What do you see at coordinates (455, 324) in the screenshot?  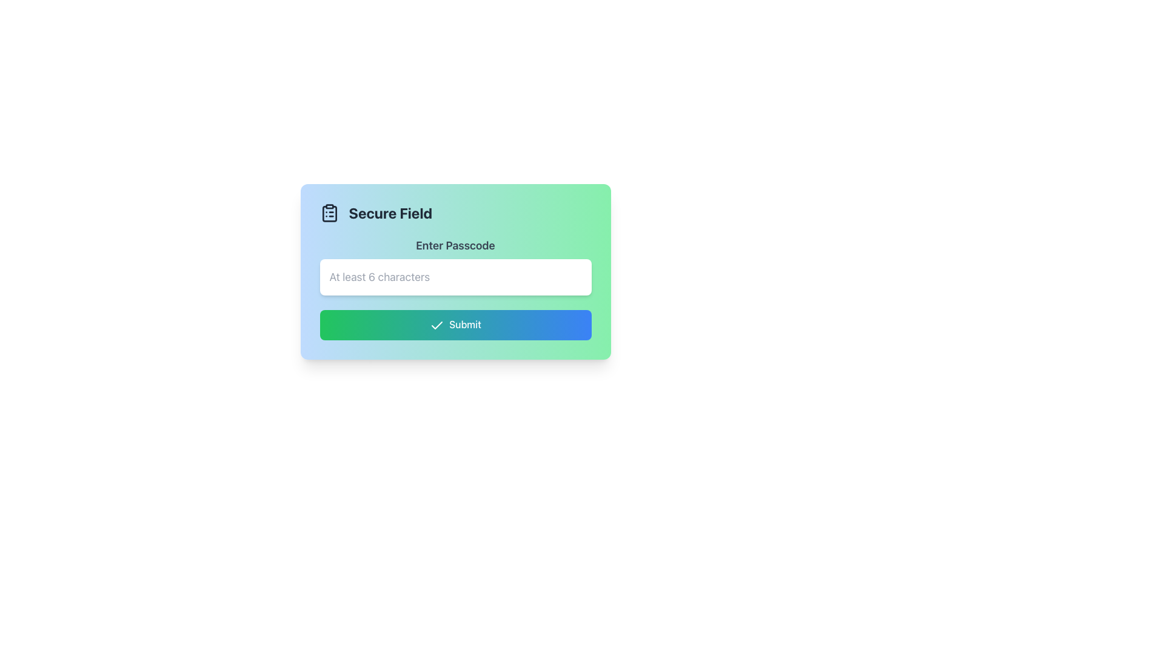 I see `the 'Submit' button, which has a gradient background from green to blue and a white checkmark icon to its left` at bounding box center [455, 324].